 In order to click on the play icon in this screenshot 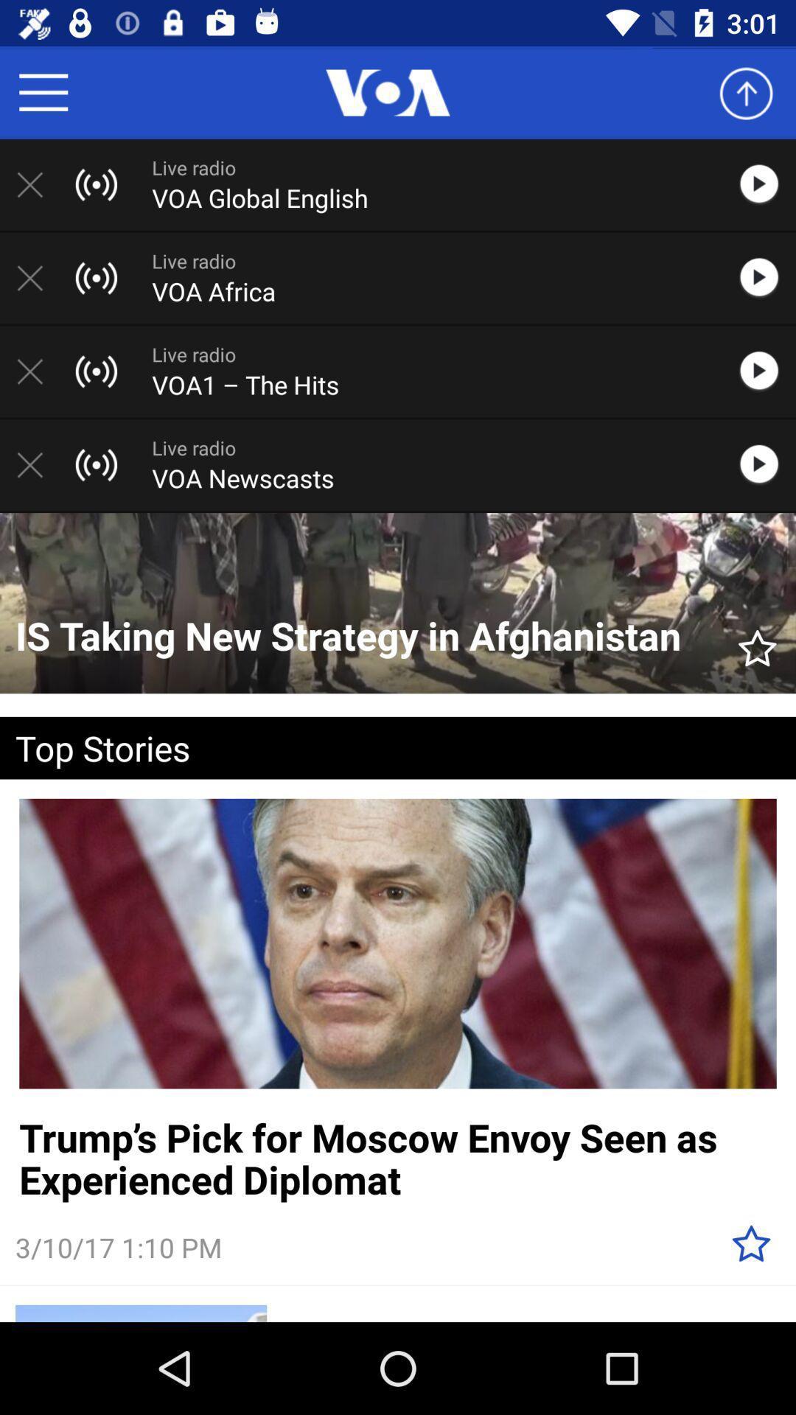, I will do `click(766, 371)`.